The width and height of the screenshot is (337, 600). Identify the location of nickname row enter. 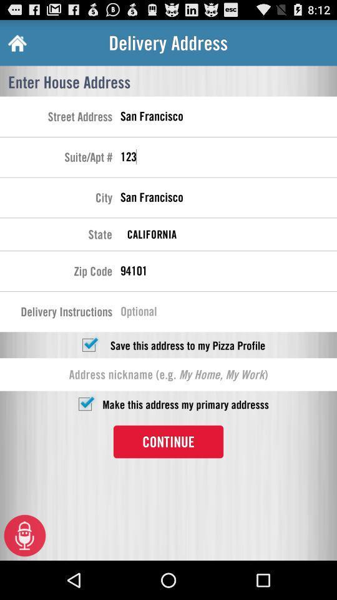
(168, 374).